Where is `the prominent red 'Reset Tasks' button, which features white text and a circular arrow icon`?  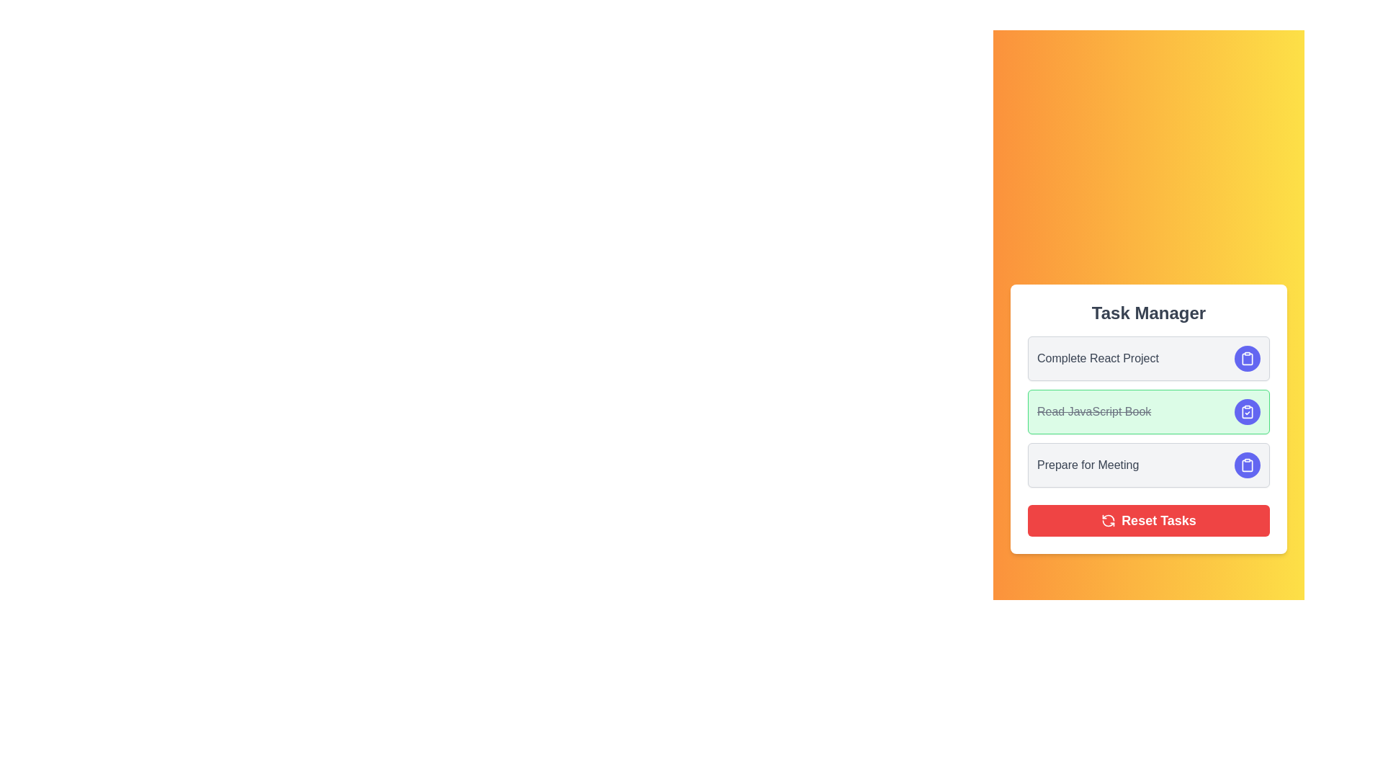 the prominent red 'Reset Tasks' button, which features white text and a circular arrow icon is located at coordinates (1147, 520).